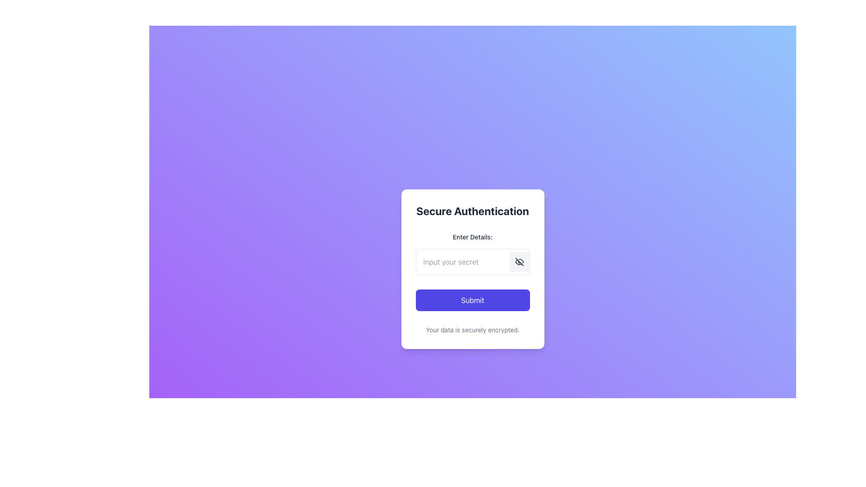 This screenshot has width=866, height=487. What do you see at coordinates (519, 262) in the screenshot?
I see `the toggle button for hiding or showing the password, which is a rectangular button with a light gray background and a crossed-out eye icon, located at the right edge of the input field` at bounding box center [519, 262].